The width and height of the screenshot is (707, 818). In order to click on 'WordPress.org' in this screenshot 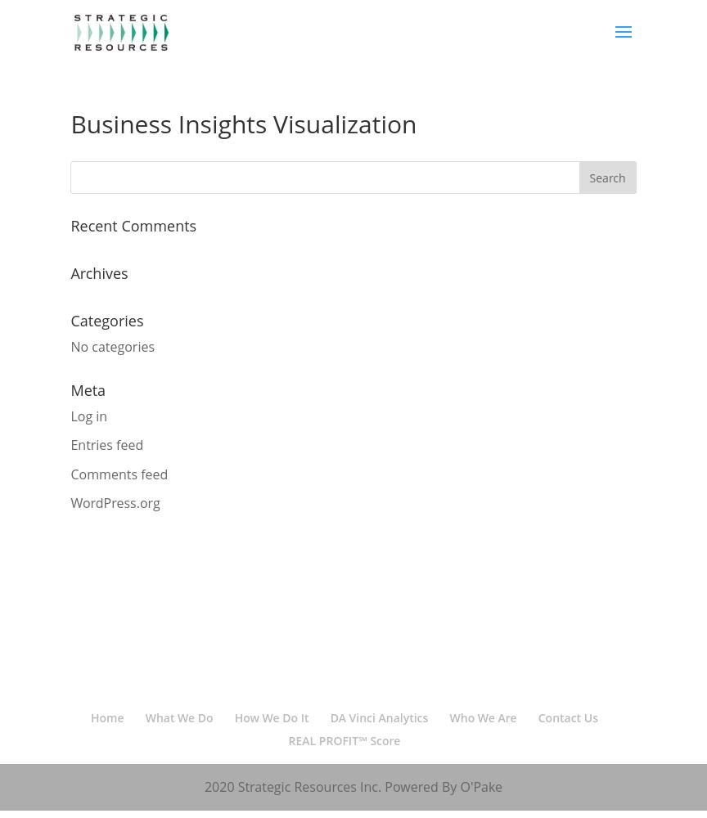, I will do `click(114, 501)`.